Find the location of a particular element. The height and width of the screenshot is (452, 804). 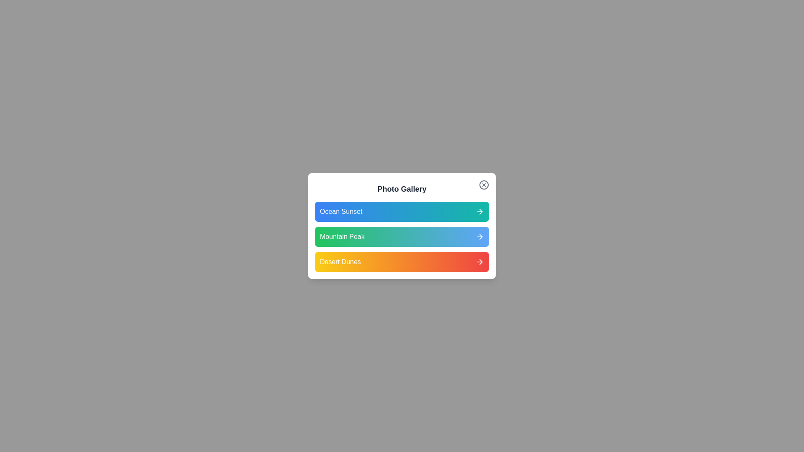

the photo titled Mountain Peak from the list is located at coordinates (402, 237).